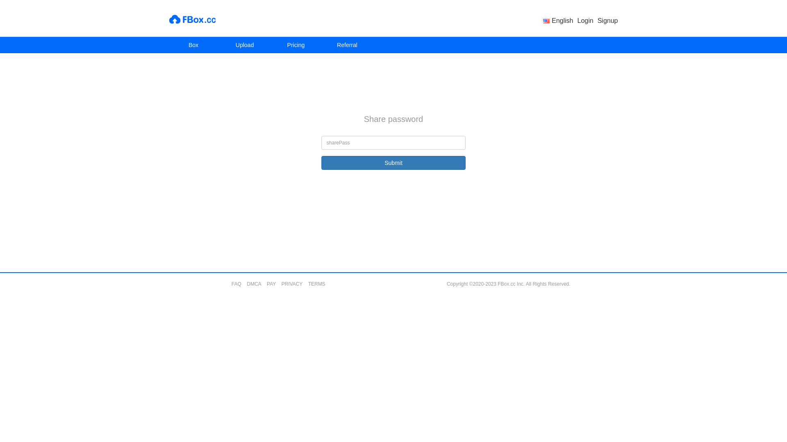 The height and width of the screenshot is (442, 787). Describe the element at coordinates (236, 284) in the screenshot. I see `'FAQ'` at that location.